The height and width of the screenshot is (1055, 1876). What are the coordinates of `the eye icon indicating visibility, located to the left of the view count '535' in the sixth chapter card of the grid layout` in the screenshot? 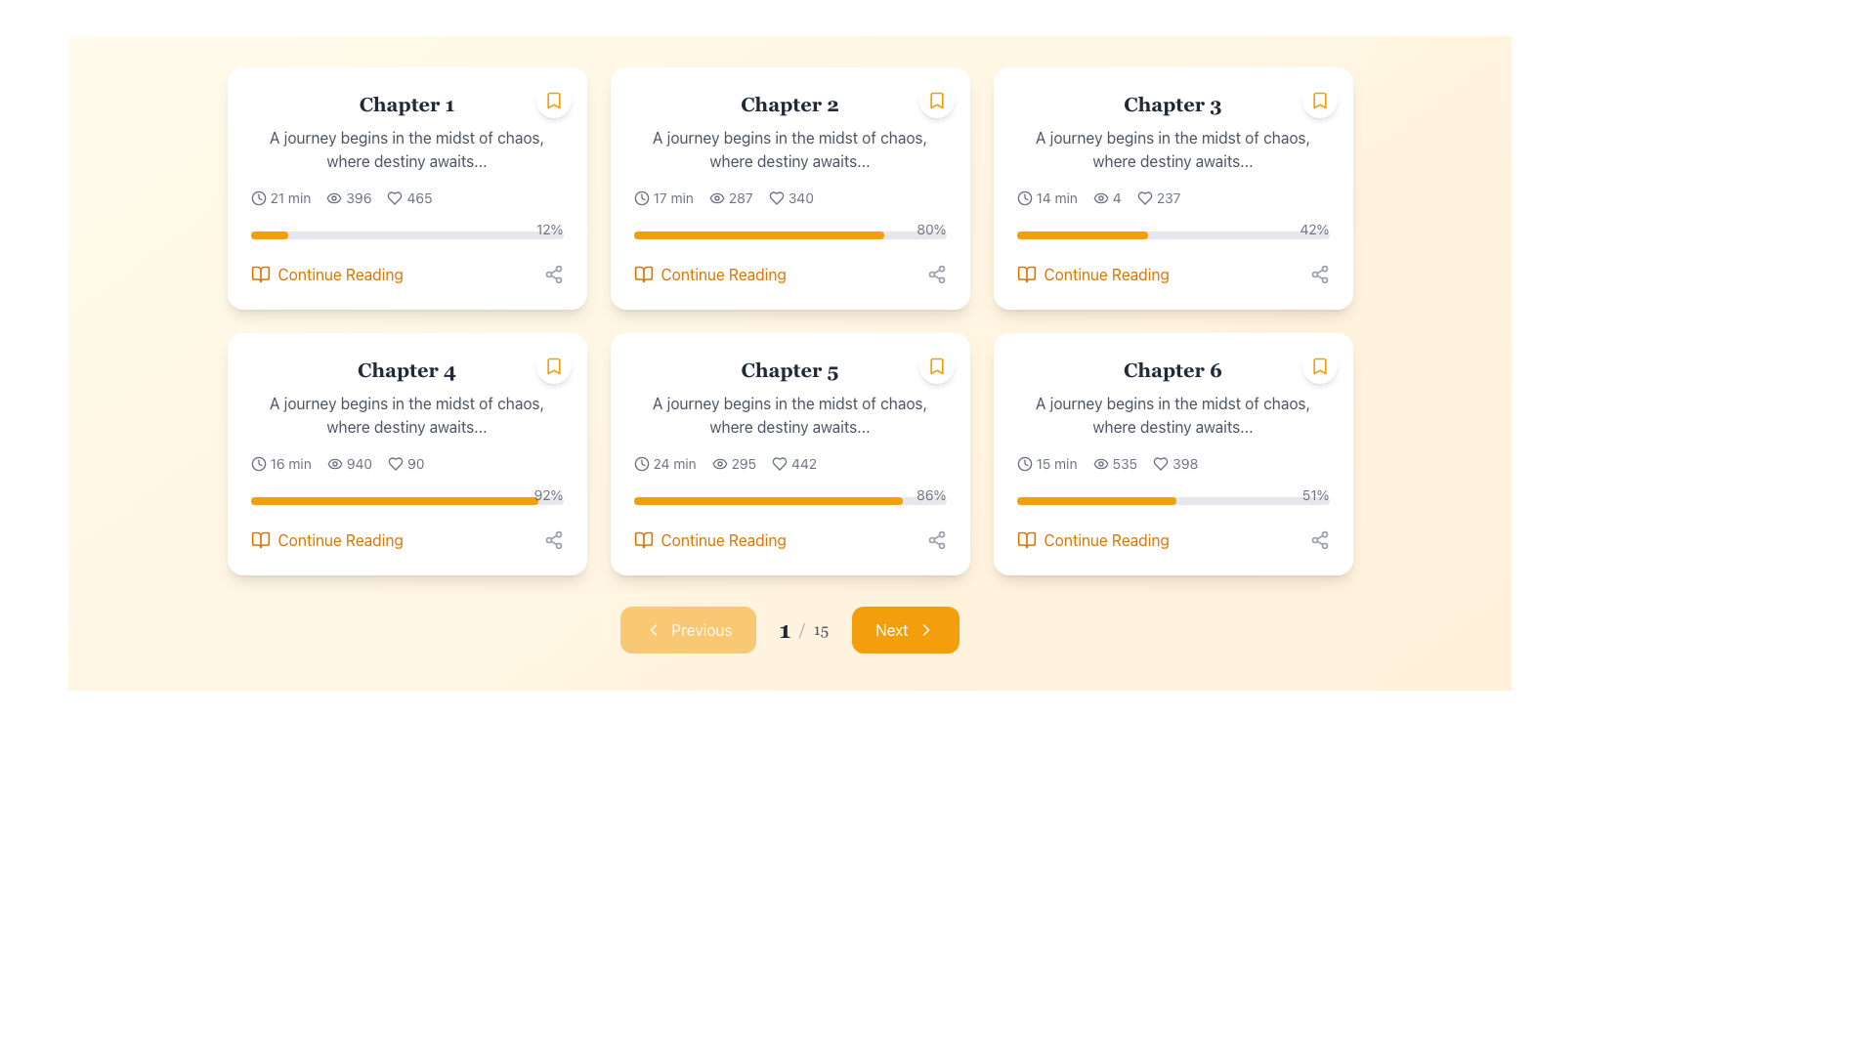 It's located at (1100, 463).